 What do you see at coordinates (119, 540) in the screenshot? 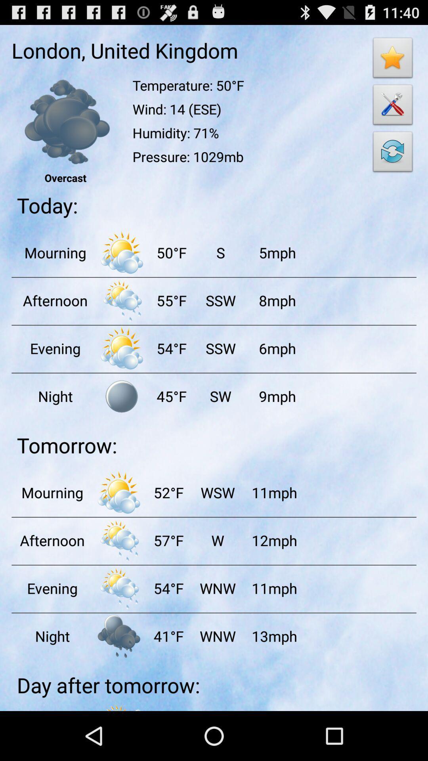
I see `show precipitation information for tomorrow afternoon` at bounding box center [119, 540].